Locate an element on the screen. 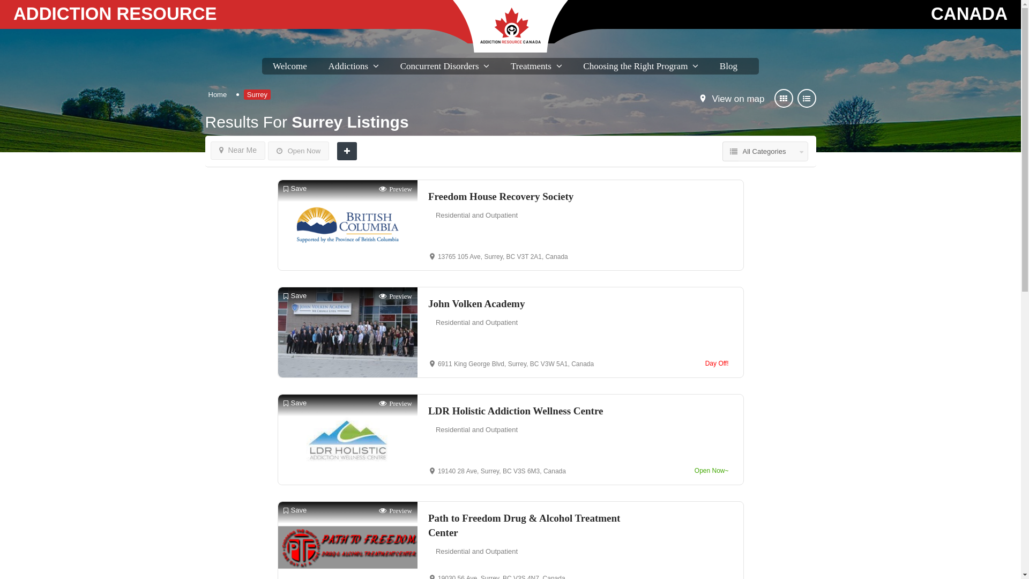 The width and height of the screenshot is (1029, 579). 'Addictions' is located at coordinates (328, 66).